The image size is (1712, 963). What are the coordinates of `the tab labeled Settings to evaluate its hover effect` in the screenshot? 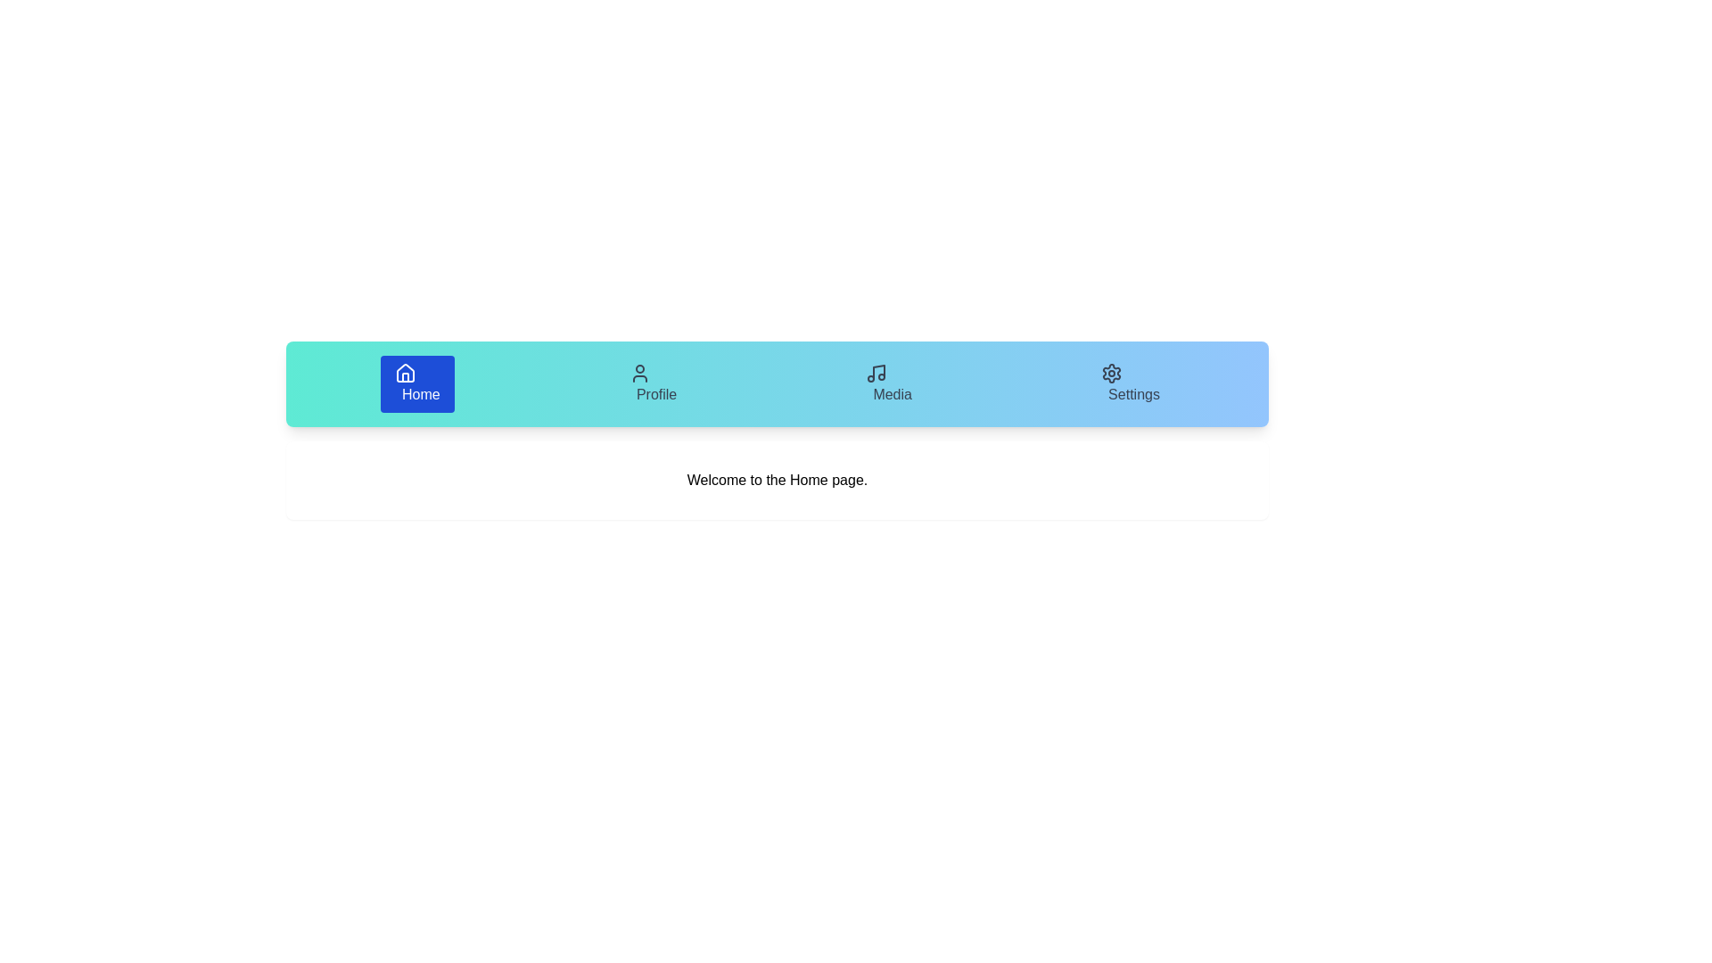 It's located at (1129, 383).